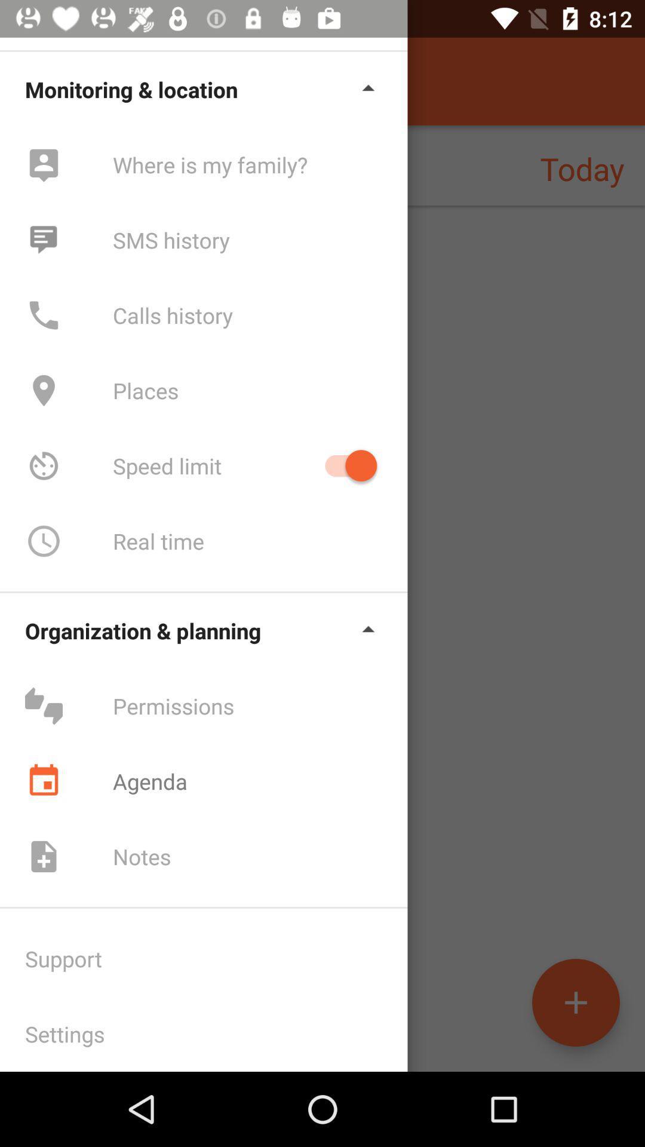  I want to click on the add icon, so click(575, 1002).